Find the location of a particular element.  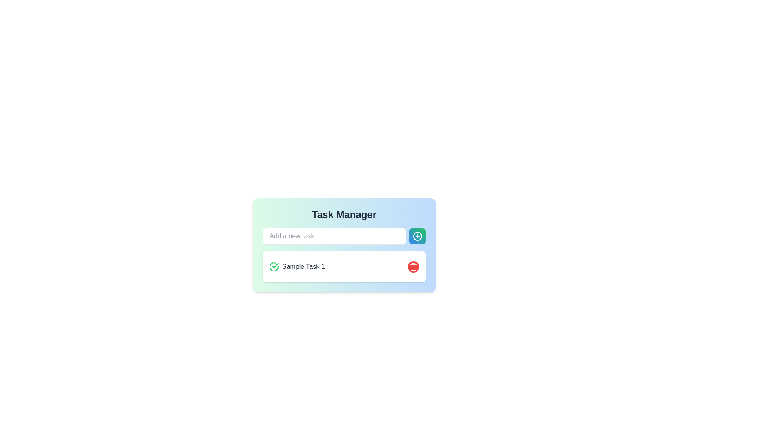

the text label that displays the name or description of a task in the task management interface, which is located to the left of a red delete button is located at coordinates (296, 267).